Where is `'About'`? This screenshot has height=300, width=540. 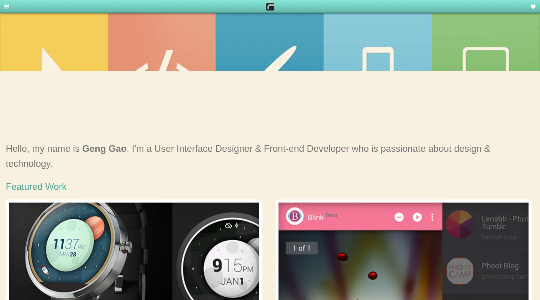 'About' is located at coordinates (15, 108).